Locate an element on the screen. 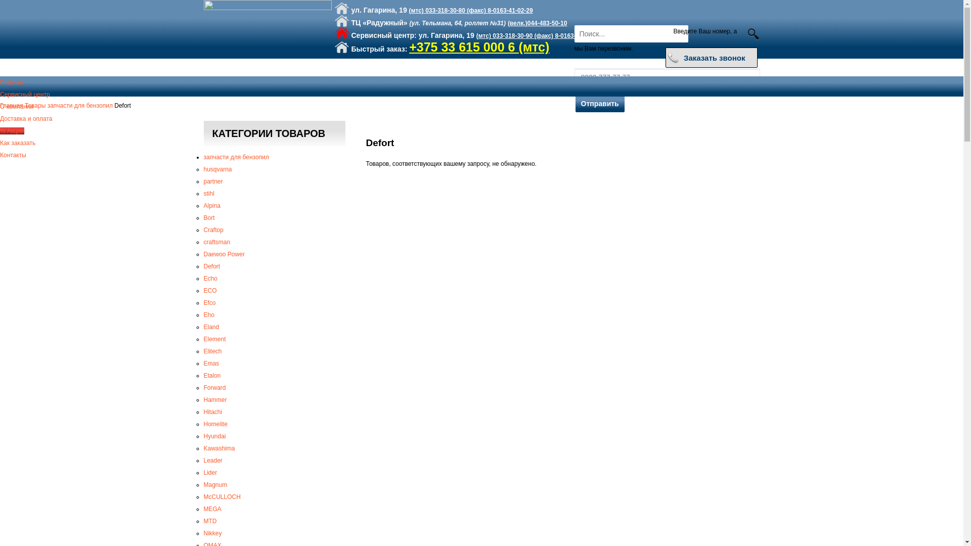  'MTD' is located at coordinates (203, 521).